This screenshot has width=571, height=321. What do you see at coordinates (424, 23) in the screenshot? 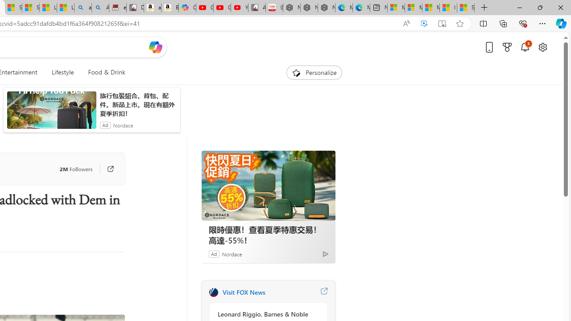
I see `'Enhance video'` at bounding box center [424, 23].